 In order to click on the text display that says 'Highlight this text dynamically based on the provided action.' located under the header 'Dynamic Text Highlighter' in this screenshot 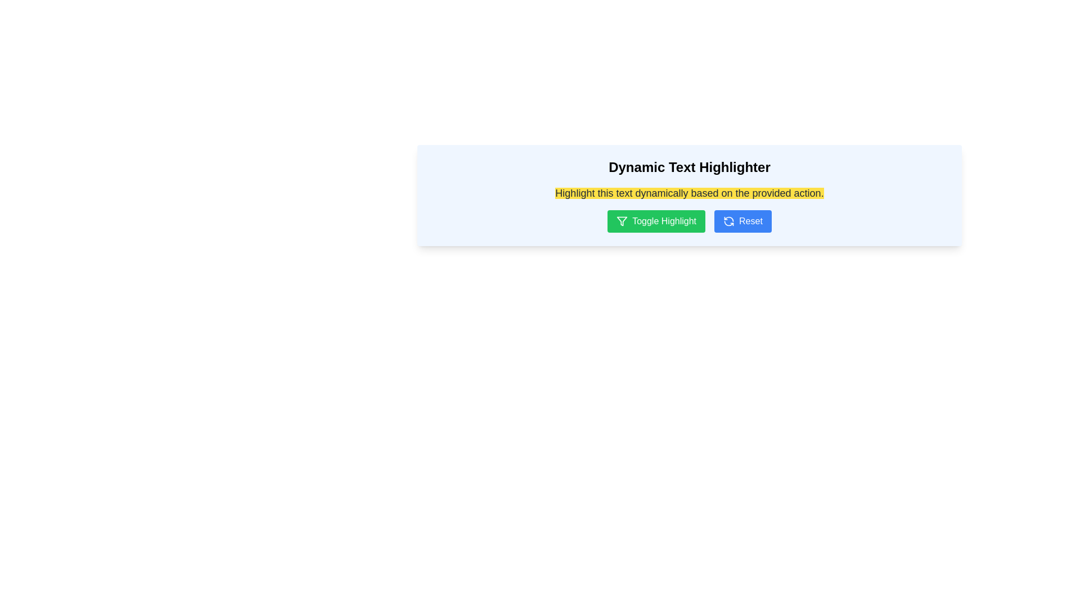, I will do `click(688, 192)`.